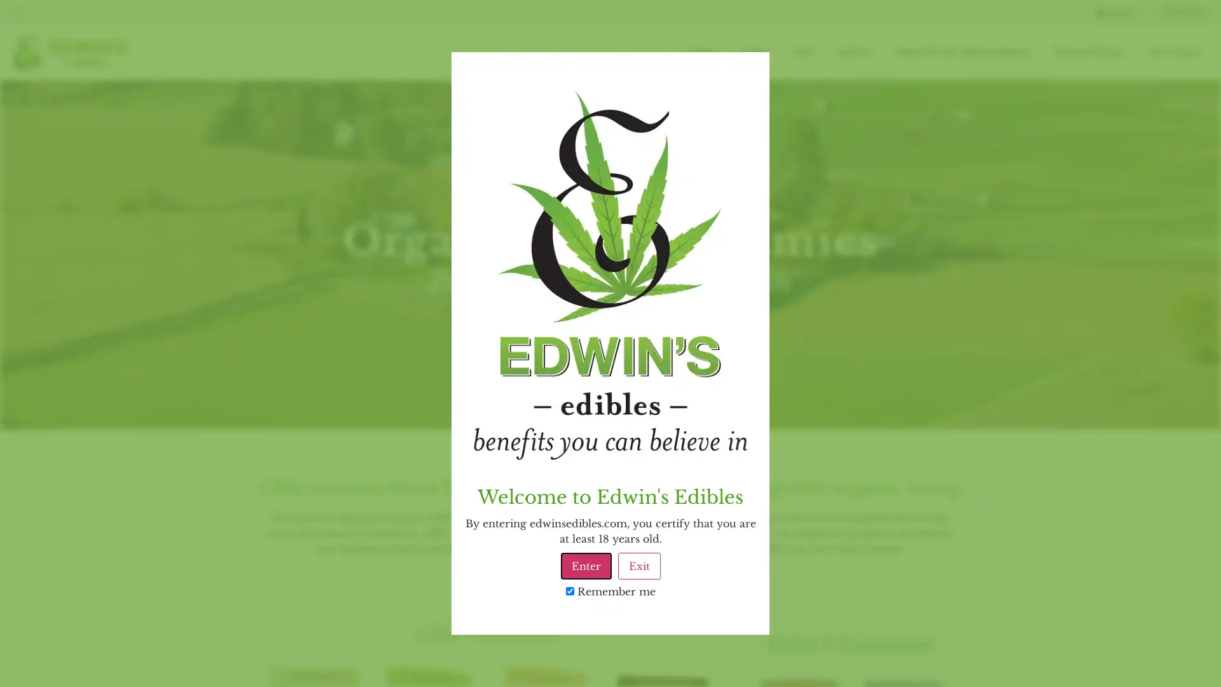 This screenshot has height=687, width=1221. Describe the element at coordinates (585, 566) in the screenshot. I see `Enter` at that location.